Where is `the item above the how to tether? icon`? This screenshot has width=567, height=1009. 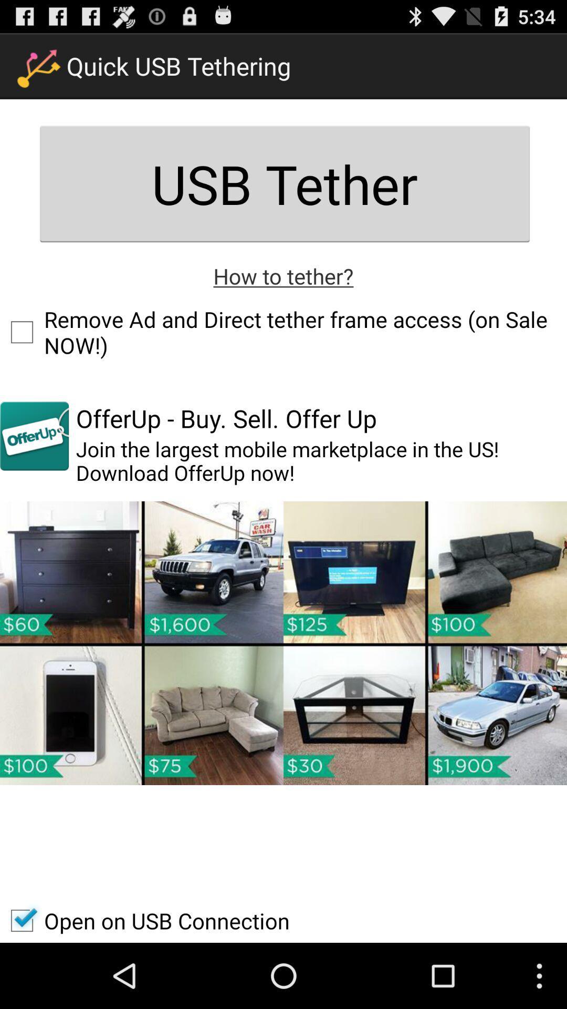 the item above the how to tether? icon is located at coordinates (285, 183).